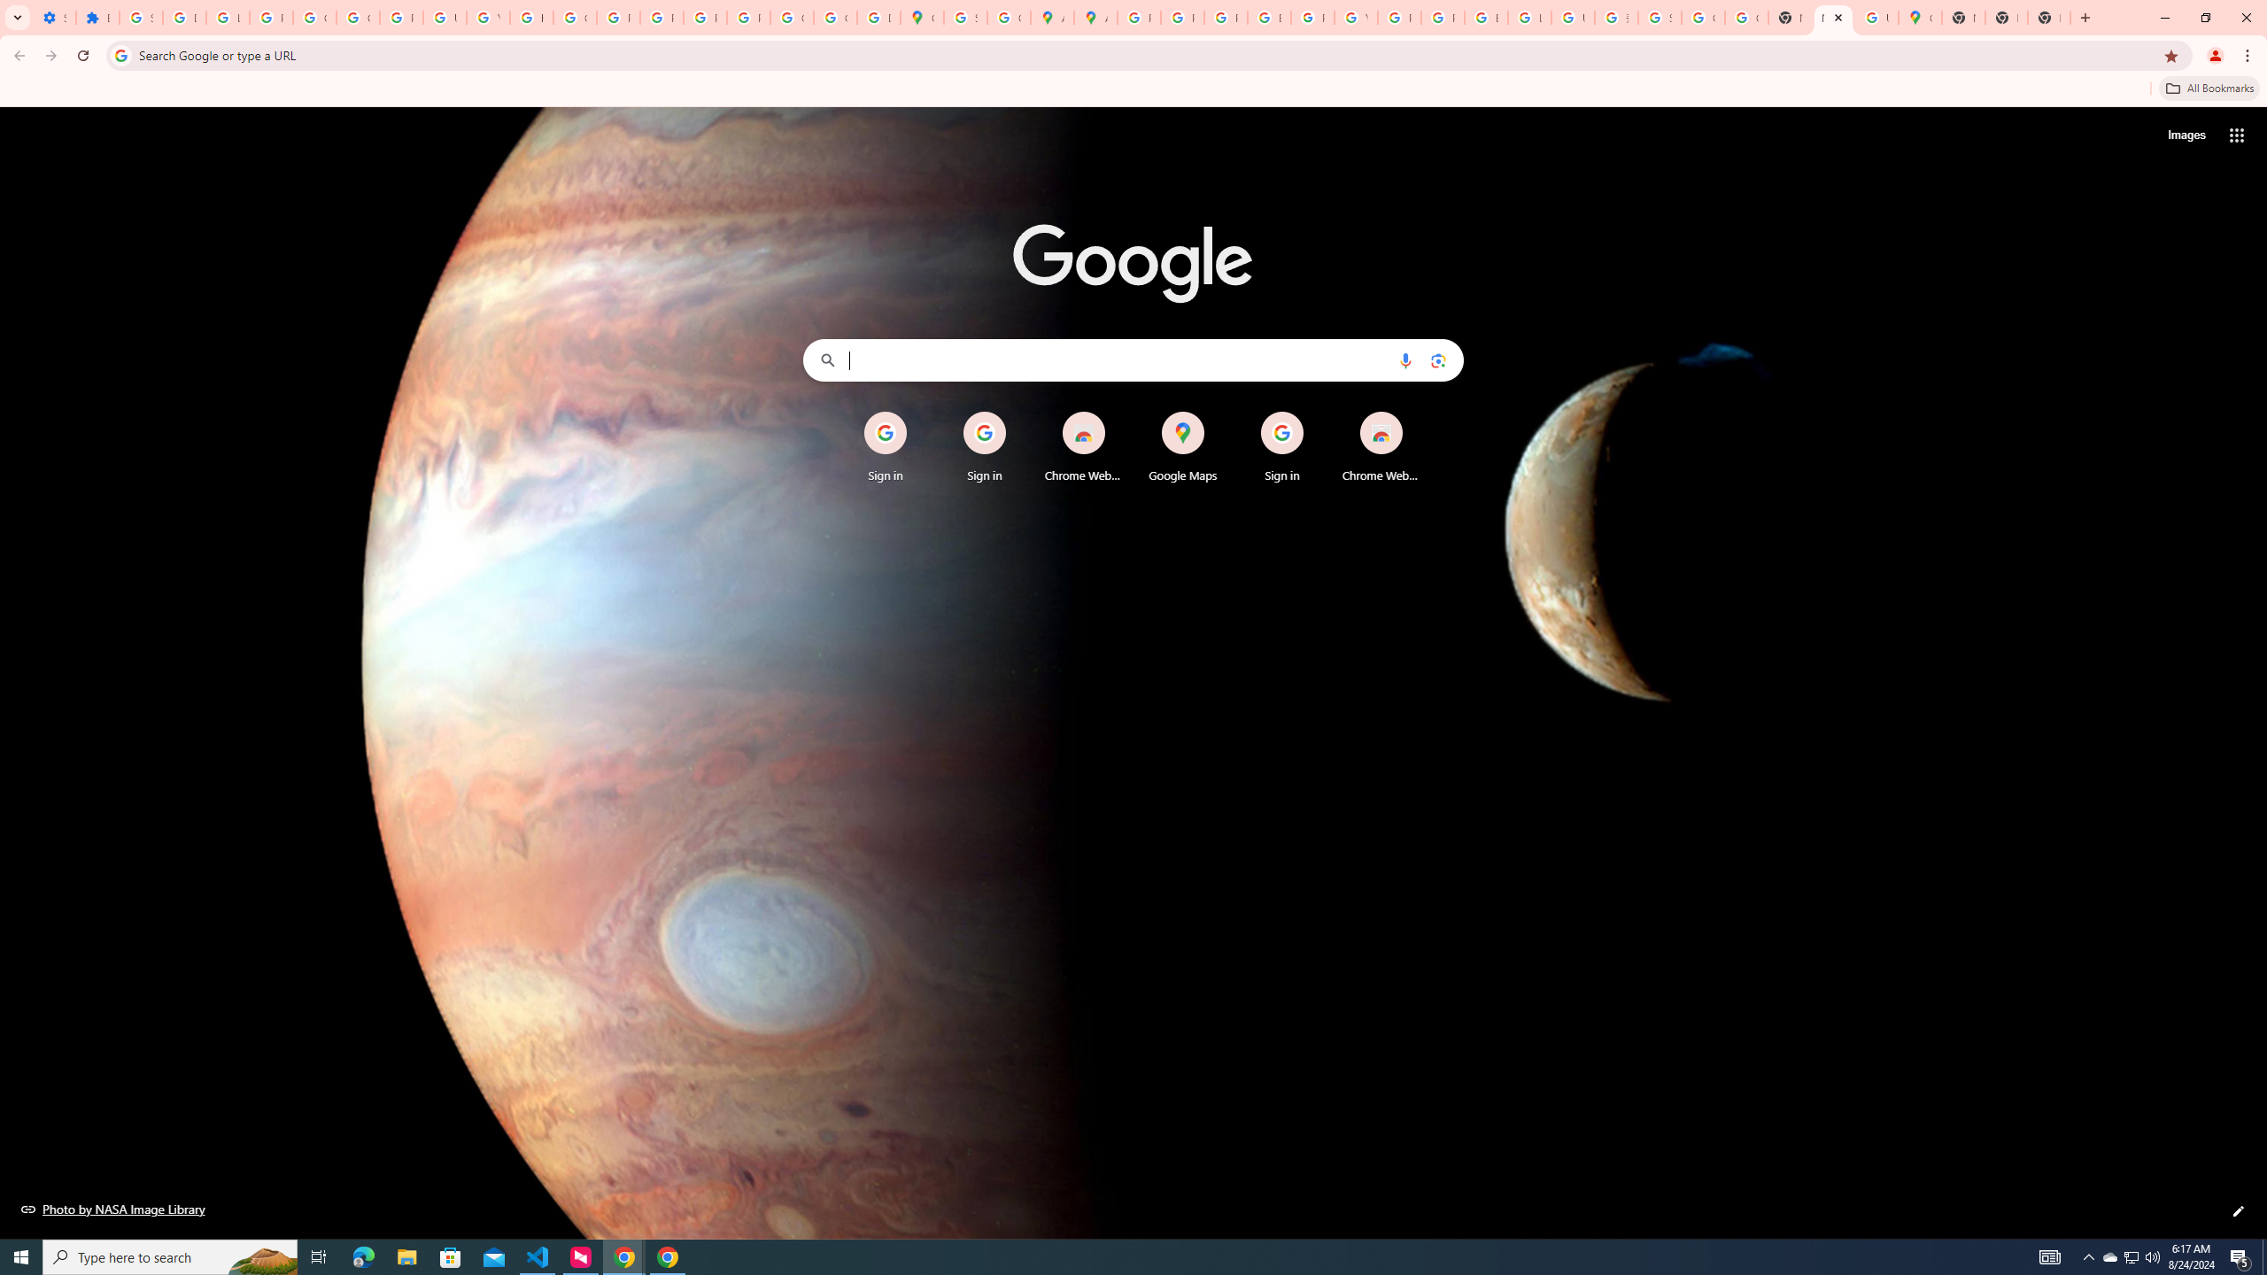 The image size is (2267, 1275). What do you see at coordinates (1876, 17) in the screenshot?
I see `'Use Google Maps in Space - Google Maps Help'` at bounding box center [1876, 17].